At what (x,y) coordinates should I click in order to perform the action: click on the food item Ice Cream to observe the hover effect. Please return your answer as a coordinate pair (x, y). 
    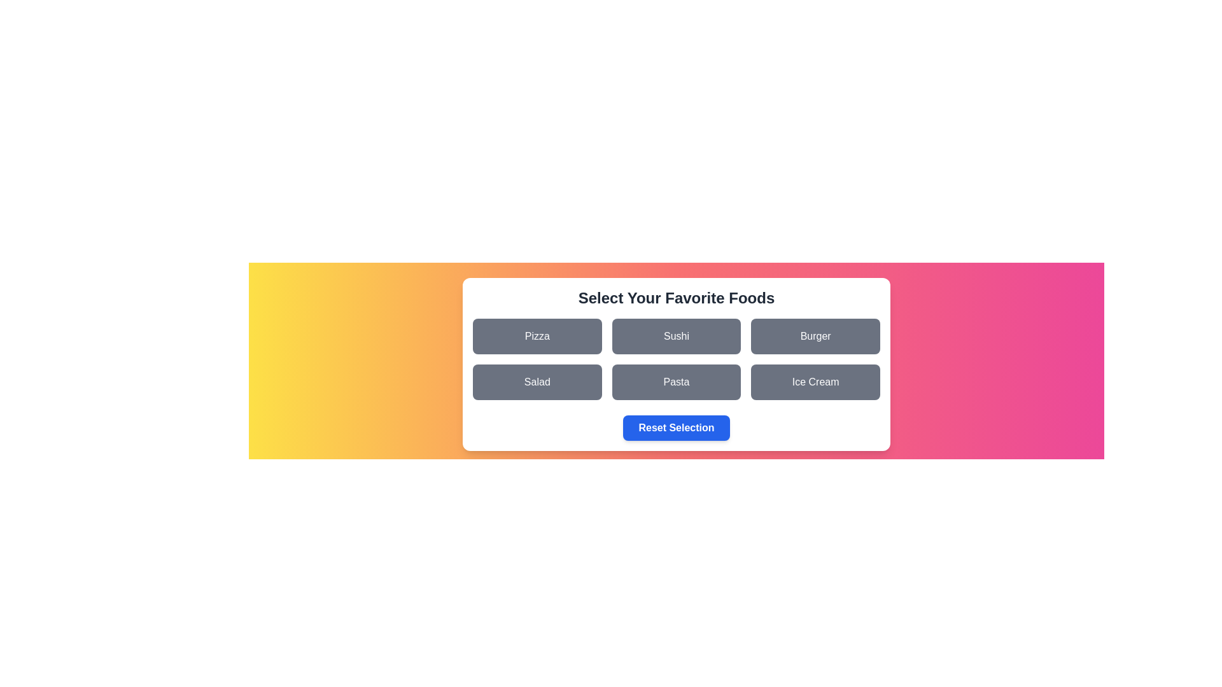
    Looking at the image, I should click on (815, 382).